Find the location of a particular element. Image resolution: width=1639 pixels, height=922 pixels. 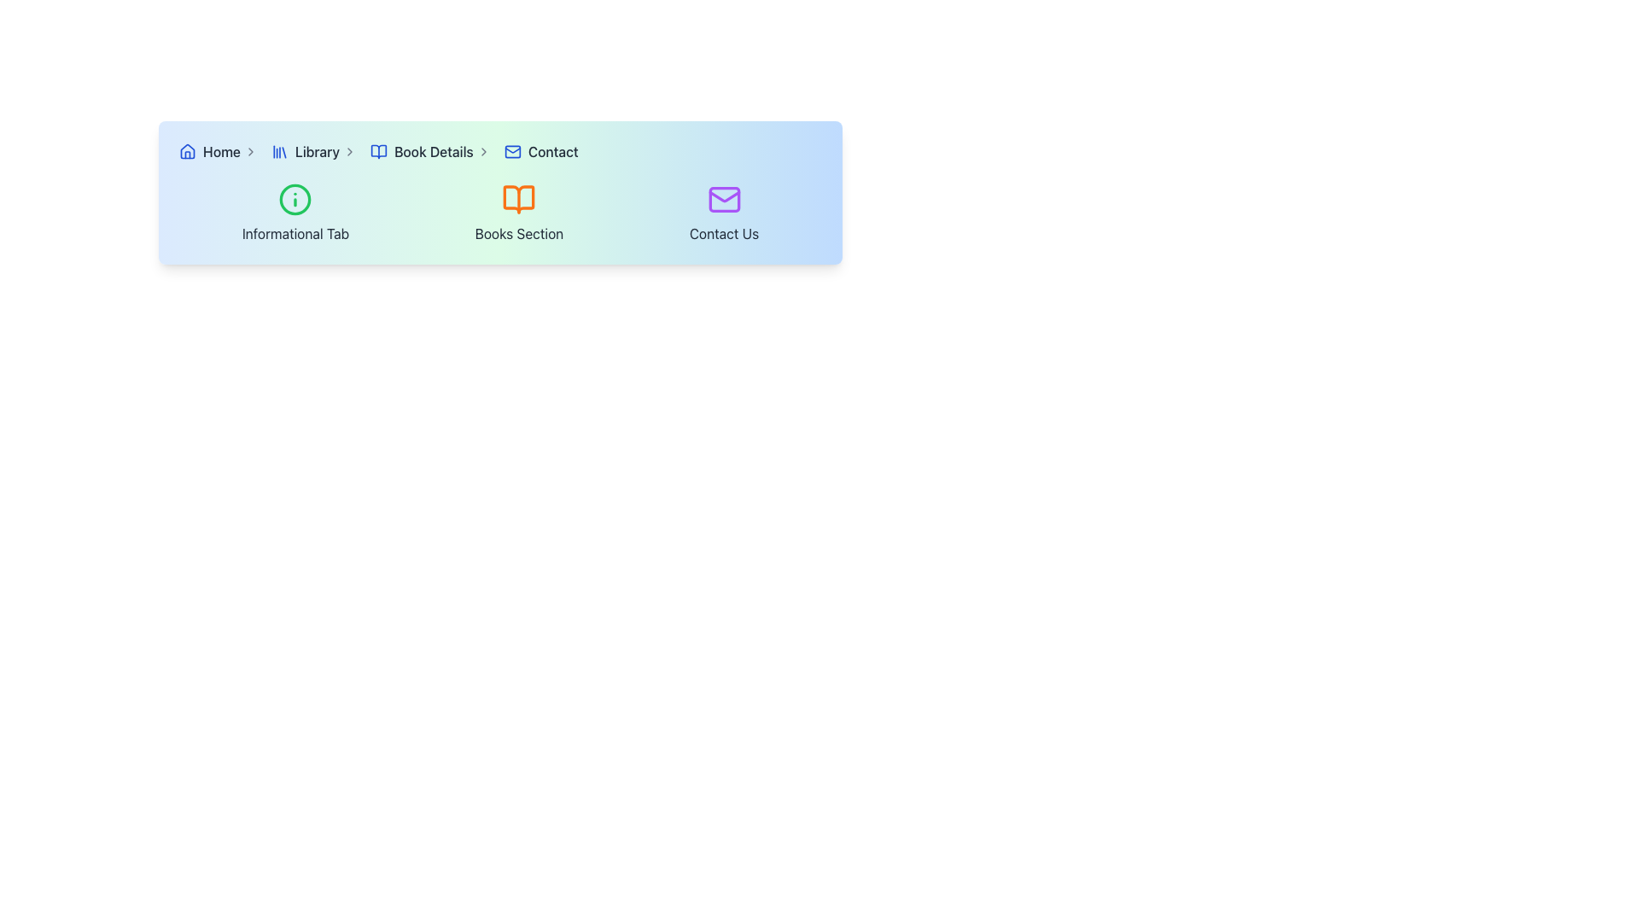

the 'Library' hyperlink in the navigation bar is located at coordinates (318, 150).